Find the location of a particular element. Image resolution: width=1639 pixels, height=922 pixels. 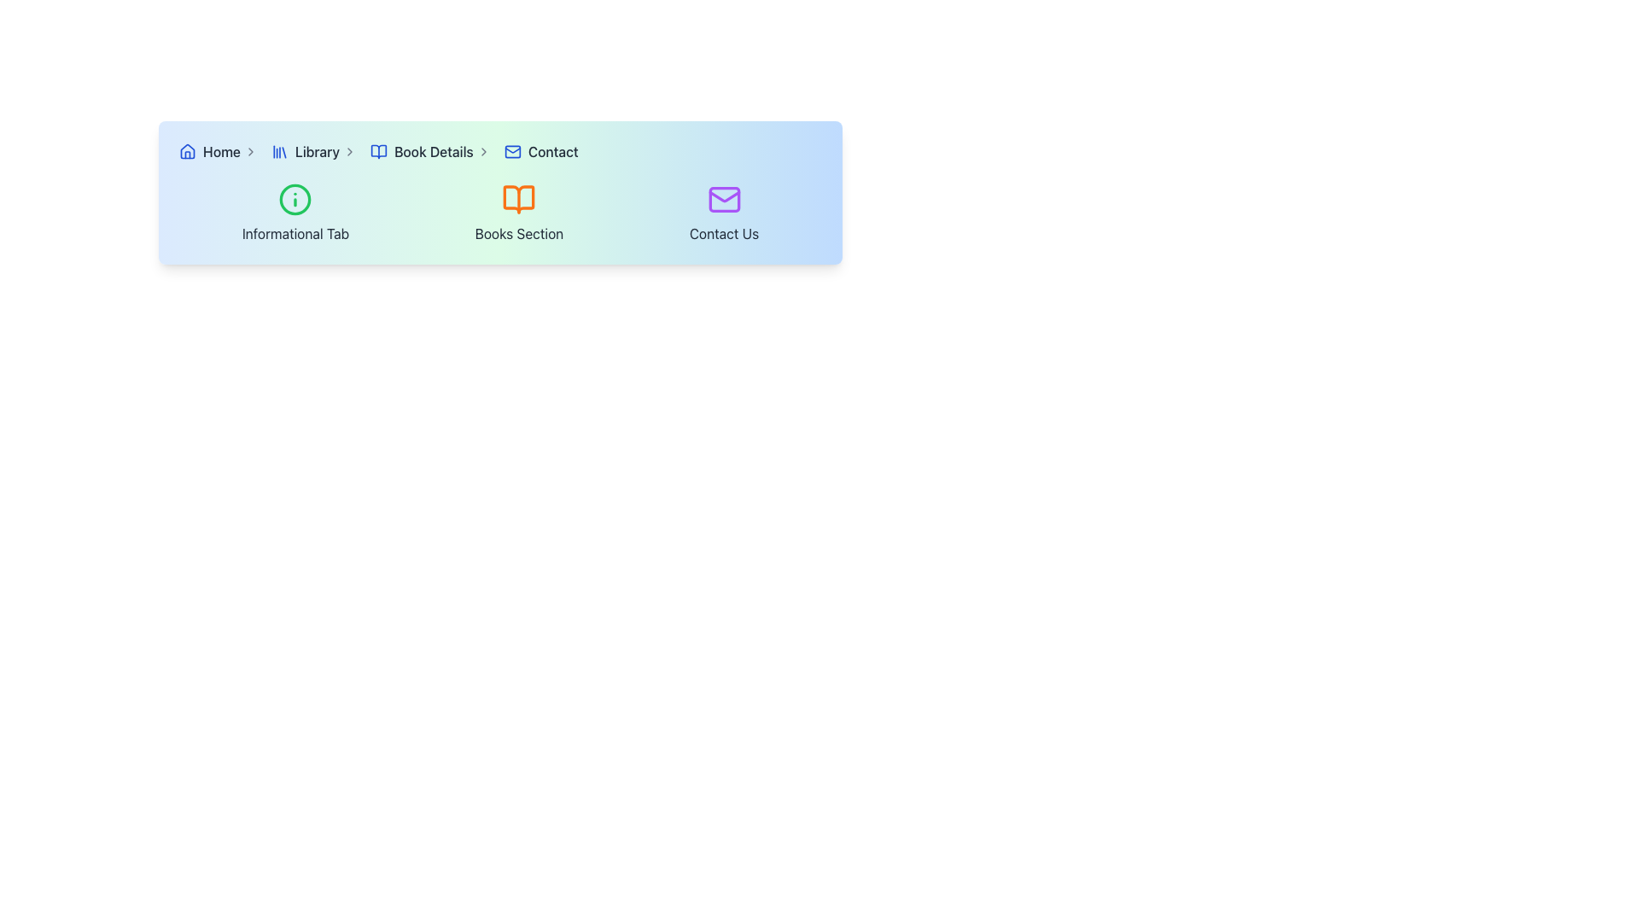

the 'Library' hyperlink in the navigation bar is located at coordinates (318, 150).